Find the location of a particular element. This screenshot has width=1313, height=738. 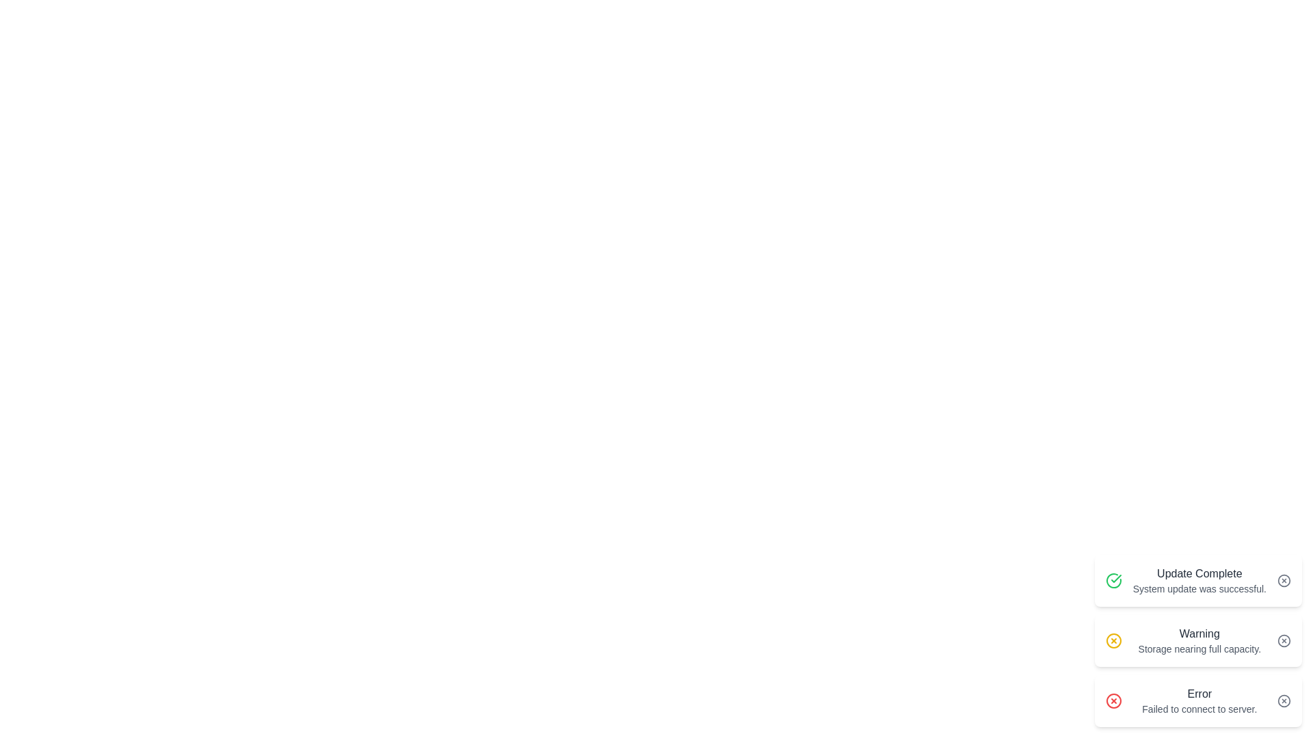

text label displaying 'Warning', which is part of a notification interface and is aligned to the left of a warning icon is located at coordinates (1199, 634).